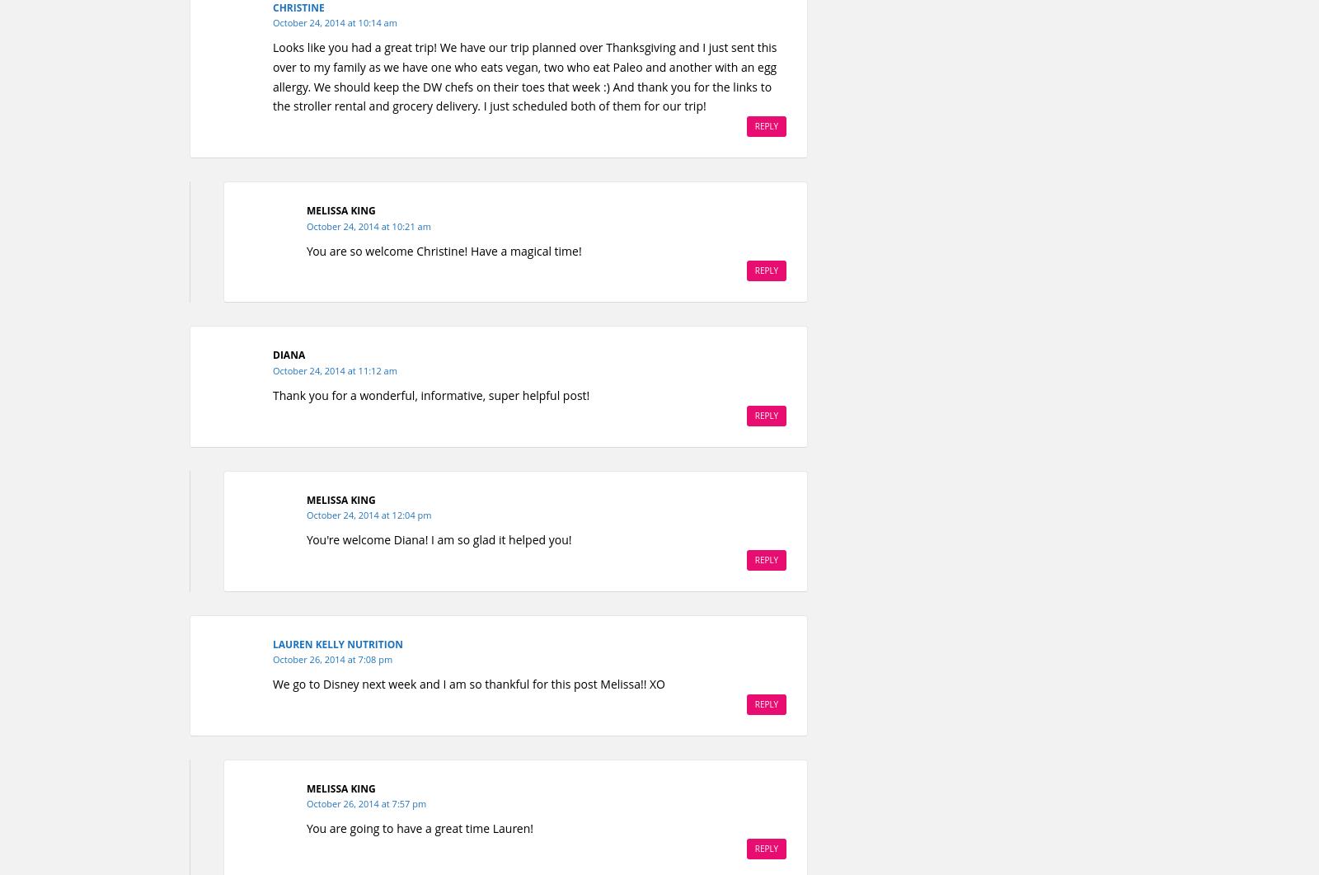 This screenshot has height=875, width=1319. I want to click on 'You're welcome Diana!  I am so glad it helped you!', so click(307, 538).